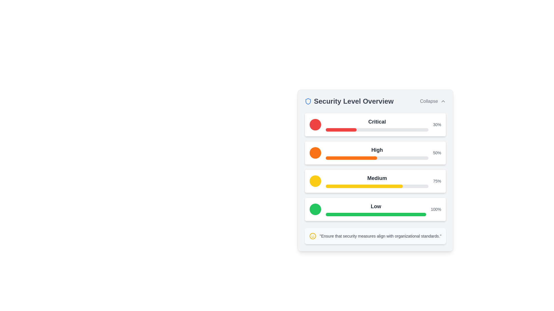  What do you see at coordinates (315, 209) in the screenshot?
I see `the visual indicator for the 'Low' security level in the 'Security Level Overview' component, which is the fourth item vertically` at bounding box center [315, 209].